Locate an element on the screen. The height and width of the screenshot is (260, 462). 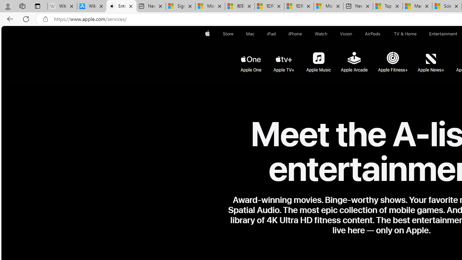
'Apple TV+' is located at coordinates (284, 58).